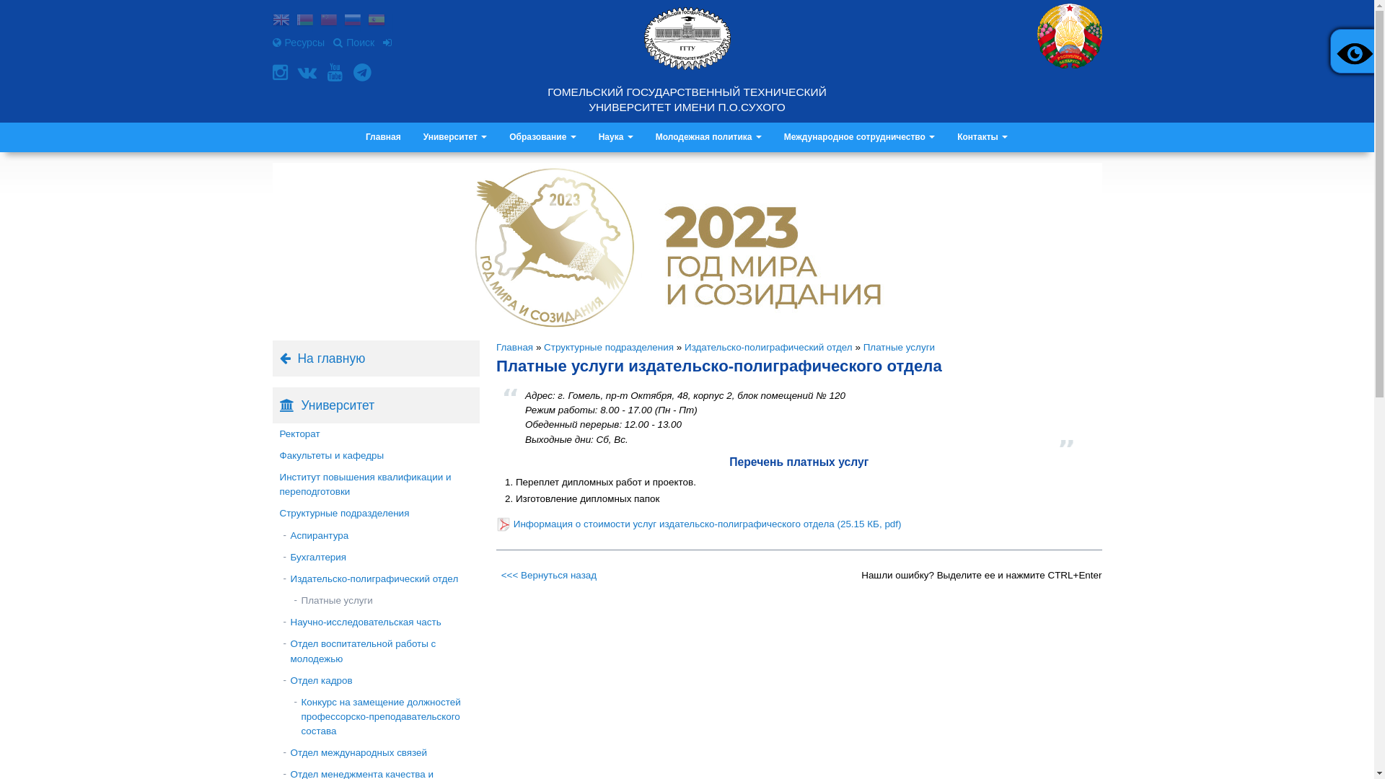 Image resolution: width=1385 pixels, height=779 pixels. What do you see at coordinates (328, 21) in the screenshot?
I see `'Chinese (Simplified)'` at bounding box center [328, 21].